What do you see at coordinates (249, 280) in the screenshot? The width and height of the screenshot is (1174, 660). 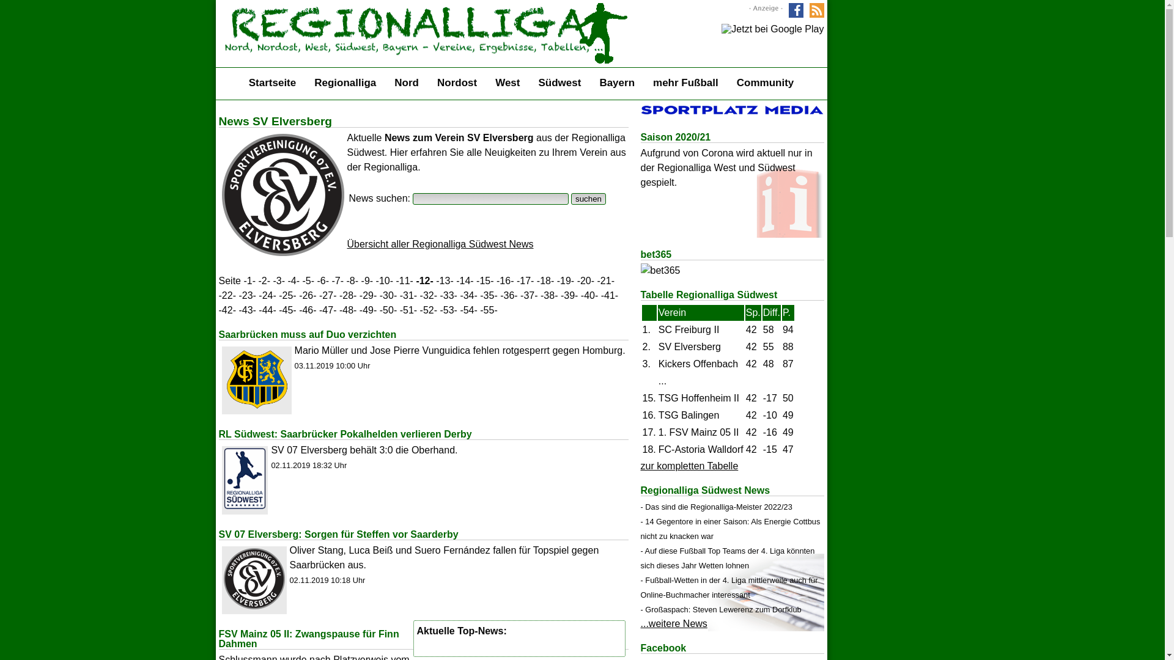 I see `'-1-'` at bounding box center [249, 280].